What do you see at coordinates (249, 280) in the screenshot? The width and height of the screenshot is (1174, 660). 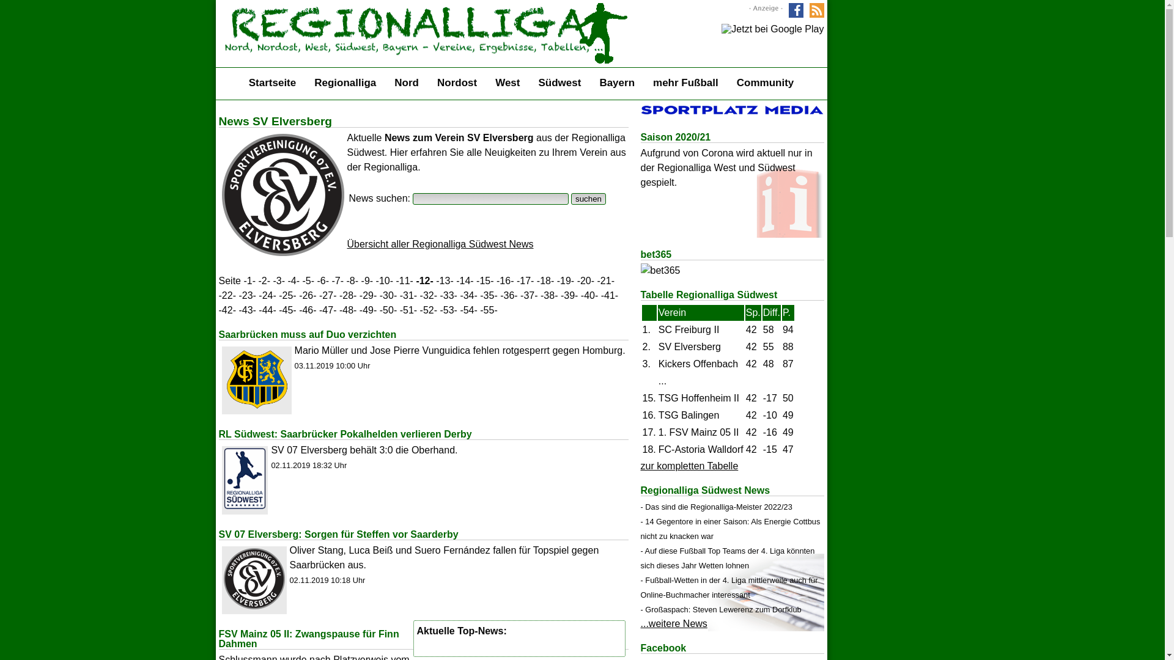 I see `'-1-'` at bounding box center [249, 280].